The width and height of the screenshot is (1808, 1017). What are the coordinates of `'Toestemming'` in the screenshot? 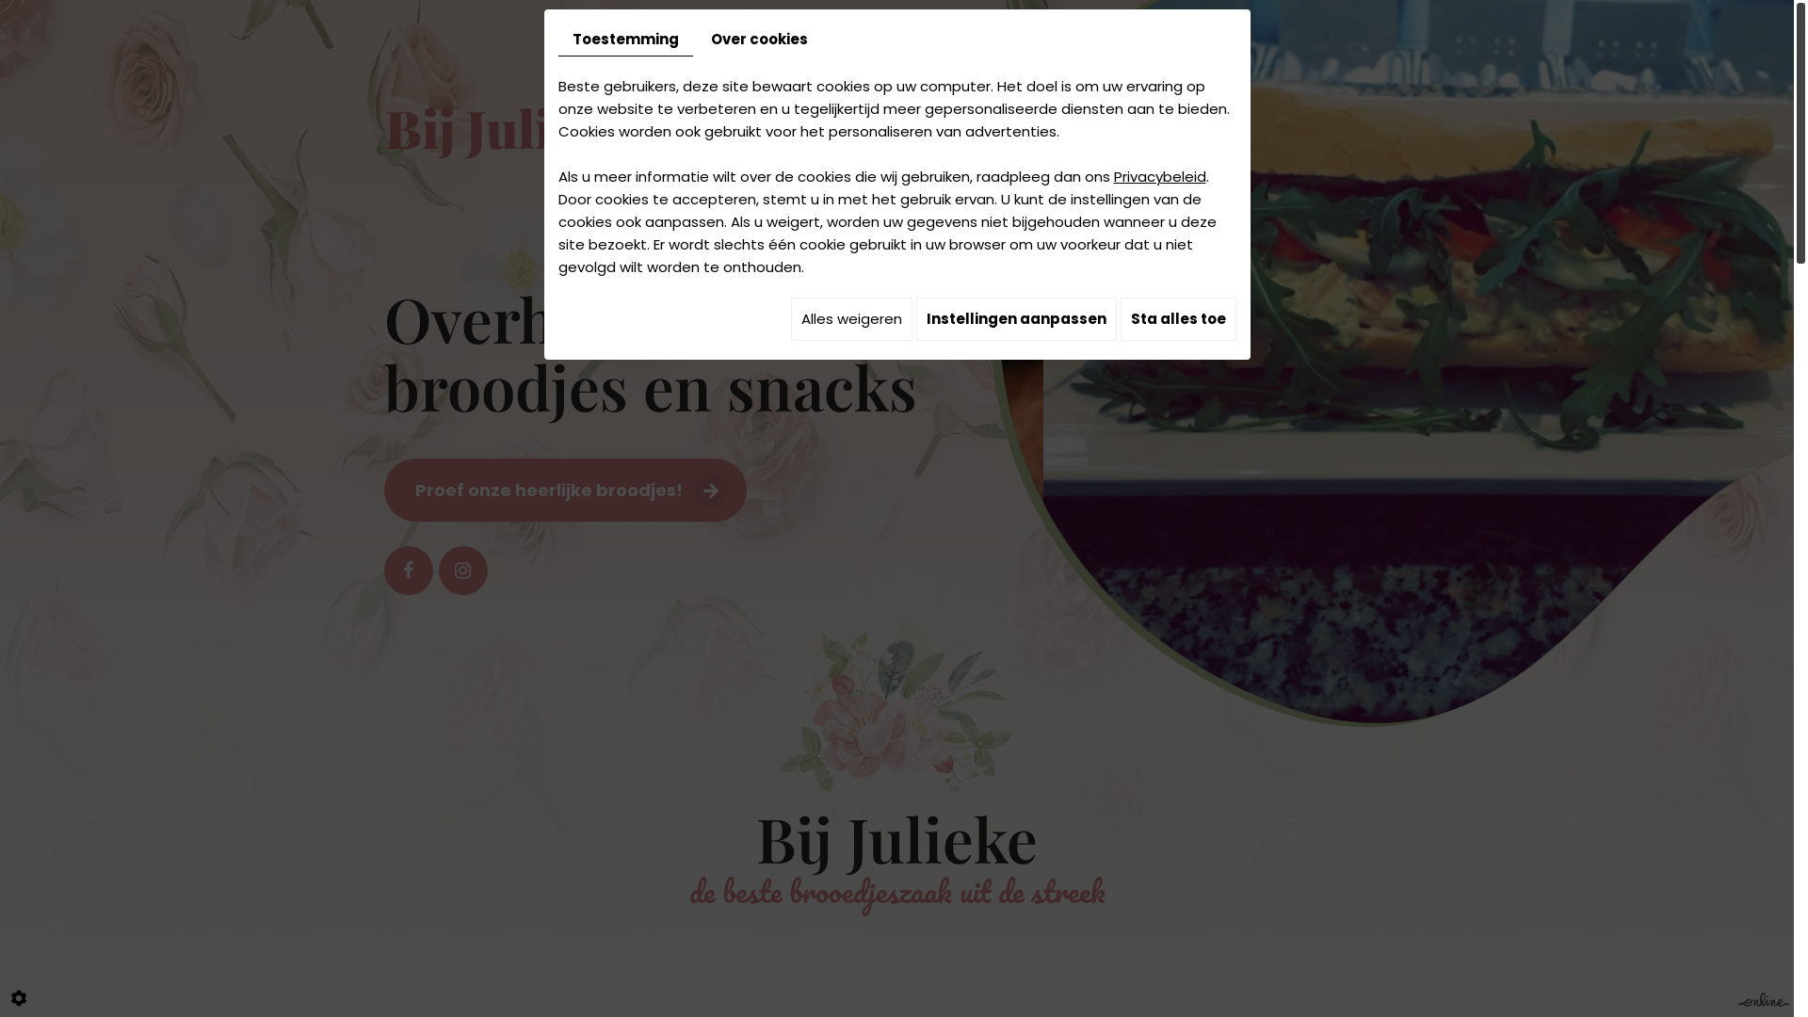 It's located at (624, 40).